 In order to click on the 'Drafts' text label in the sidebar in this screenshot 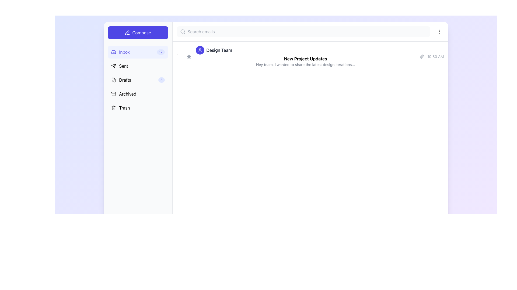, I will do `click(125, 80)`.